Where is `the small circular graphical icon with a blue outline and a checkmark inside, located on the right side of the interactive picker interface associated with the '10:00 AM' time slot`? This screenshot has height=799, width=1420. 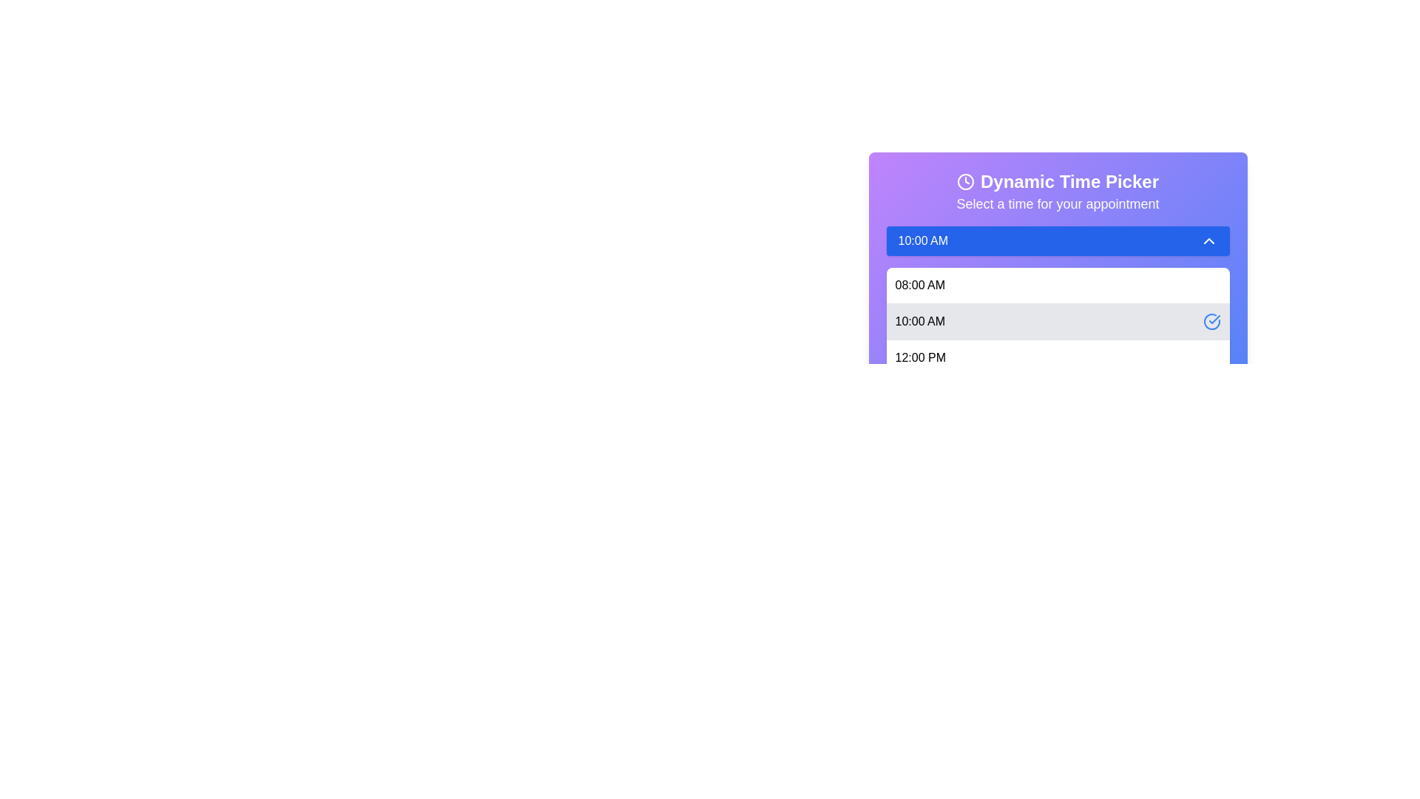 the small circular graphical icon with a blue outline and a checkmark inside, located on the right side of the interactive picker interface associated with the '10:00 AM' time slot is located at coordinates (1211, 321).